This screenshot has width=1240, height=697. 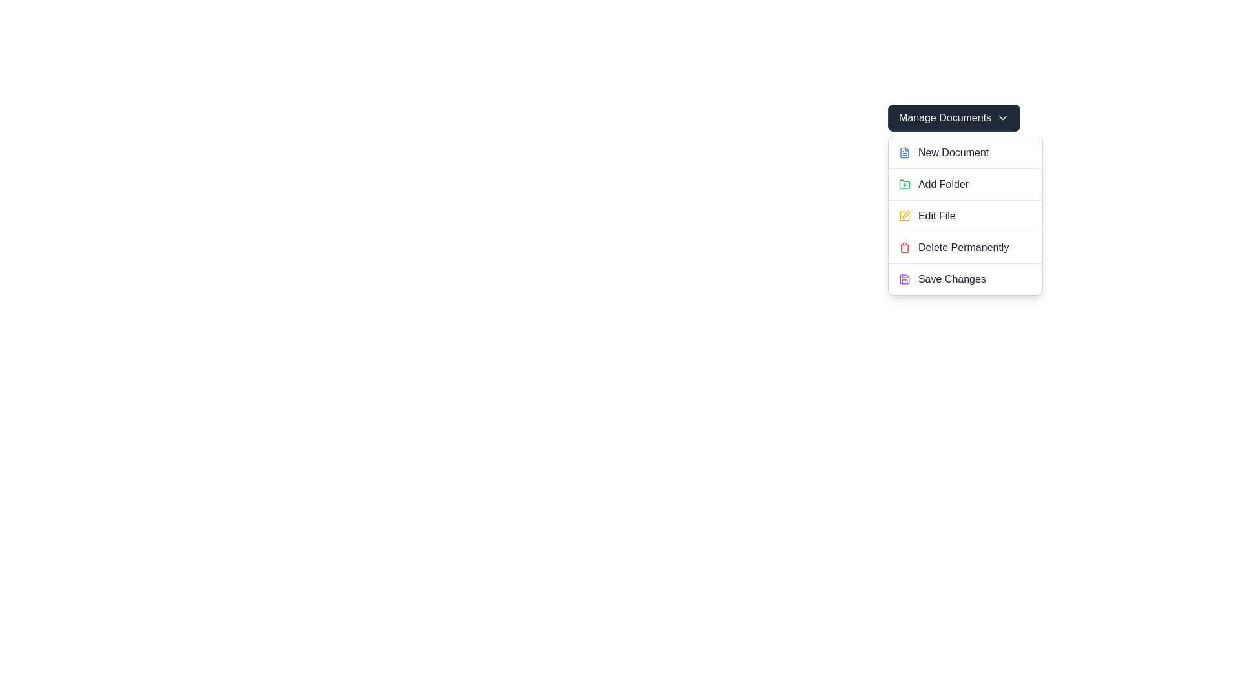 What do you see at coordinates (944, 184) in the screenshot?
I see `the 'Add Folder' text label, which is the second option in the dropdown menu under 'Manage Documents'` at bounding box center [944, 184].